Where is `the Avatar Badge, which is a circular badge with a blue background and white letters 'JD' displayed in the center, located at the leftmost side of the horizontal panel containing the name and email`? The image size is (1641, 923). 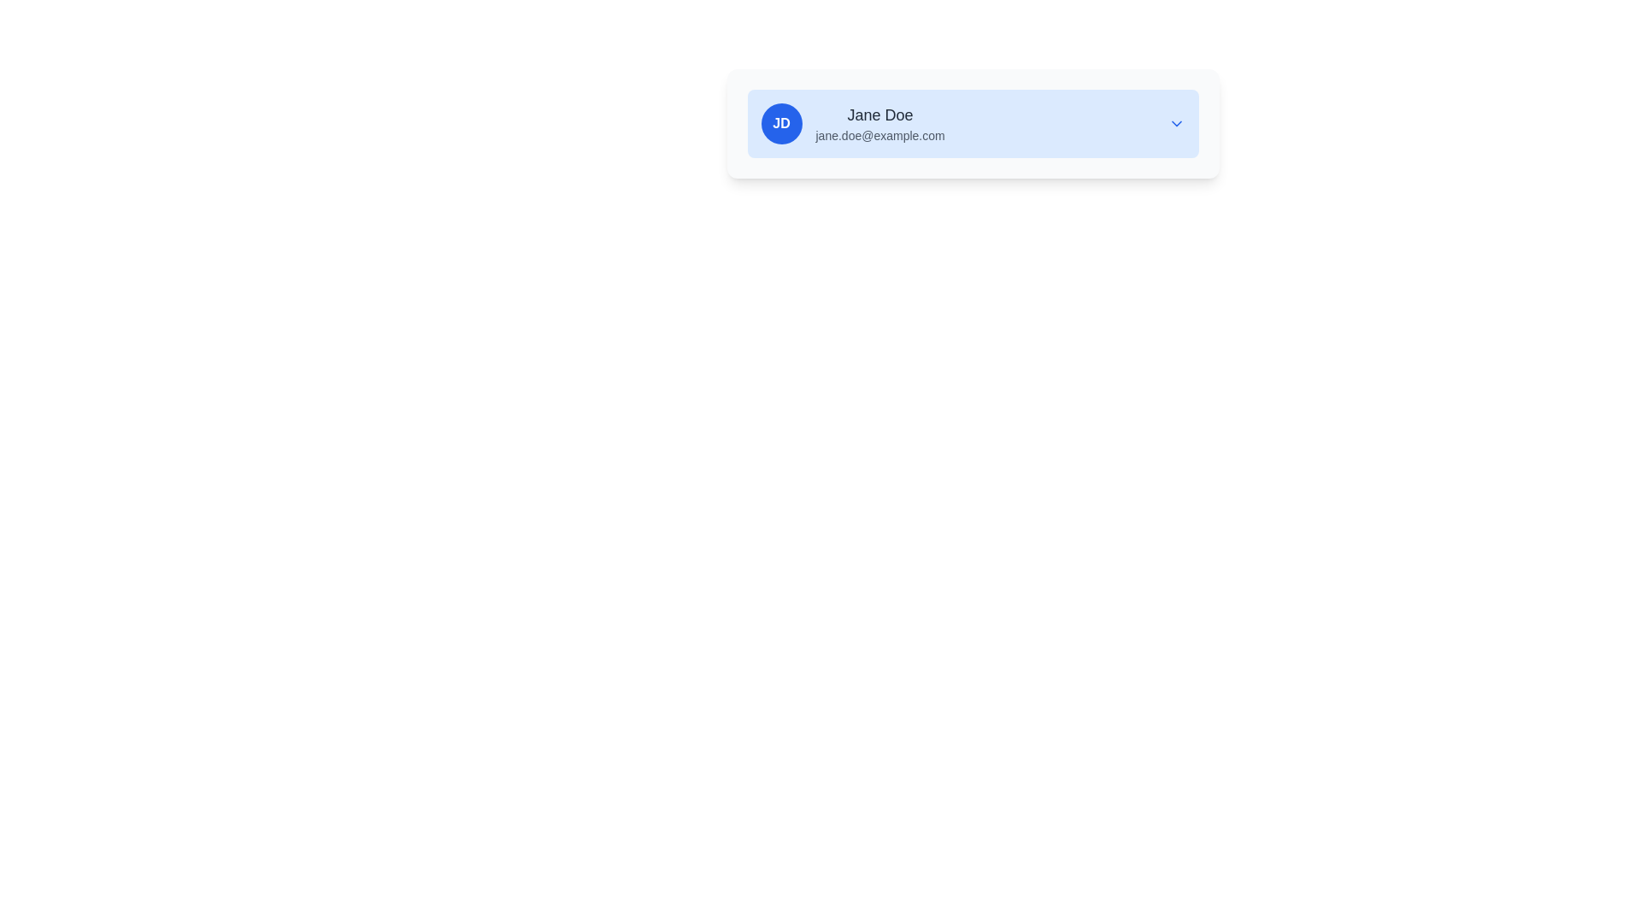 the Avatar Badge, which is a circular badge with a blue background and white letters 'JD' displayed in the center, located at the leftmost side of the horizontal panel containing the name and email is located at coordinates (780, 123).